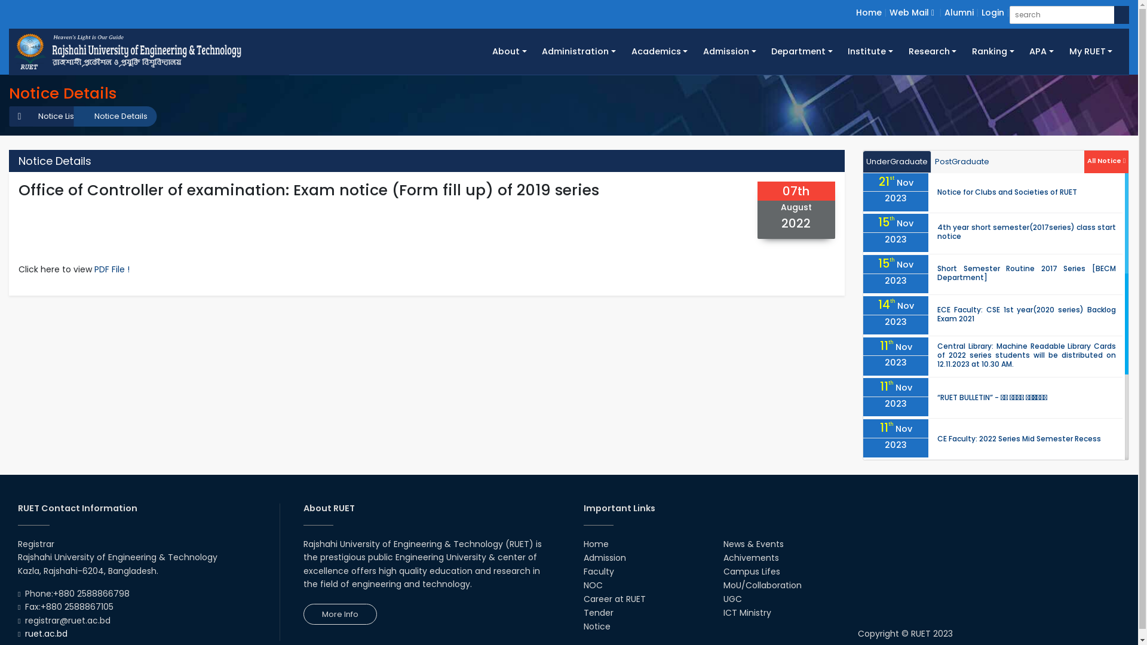 The width and height of the screenshot is (1147, 645). What do you see at coordinates (750, 557) in the screenshot?
I see `'Achivements'` at bounding box center [750, 557].